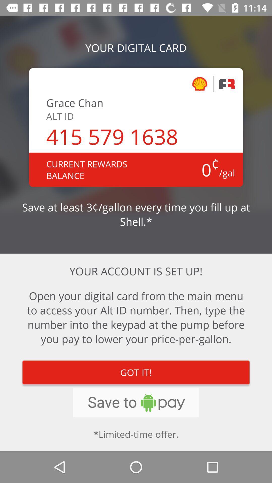  I want to click on to your android-pay account, so click(135, 403).